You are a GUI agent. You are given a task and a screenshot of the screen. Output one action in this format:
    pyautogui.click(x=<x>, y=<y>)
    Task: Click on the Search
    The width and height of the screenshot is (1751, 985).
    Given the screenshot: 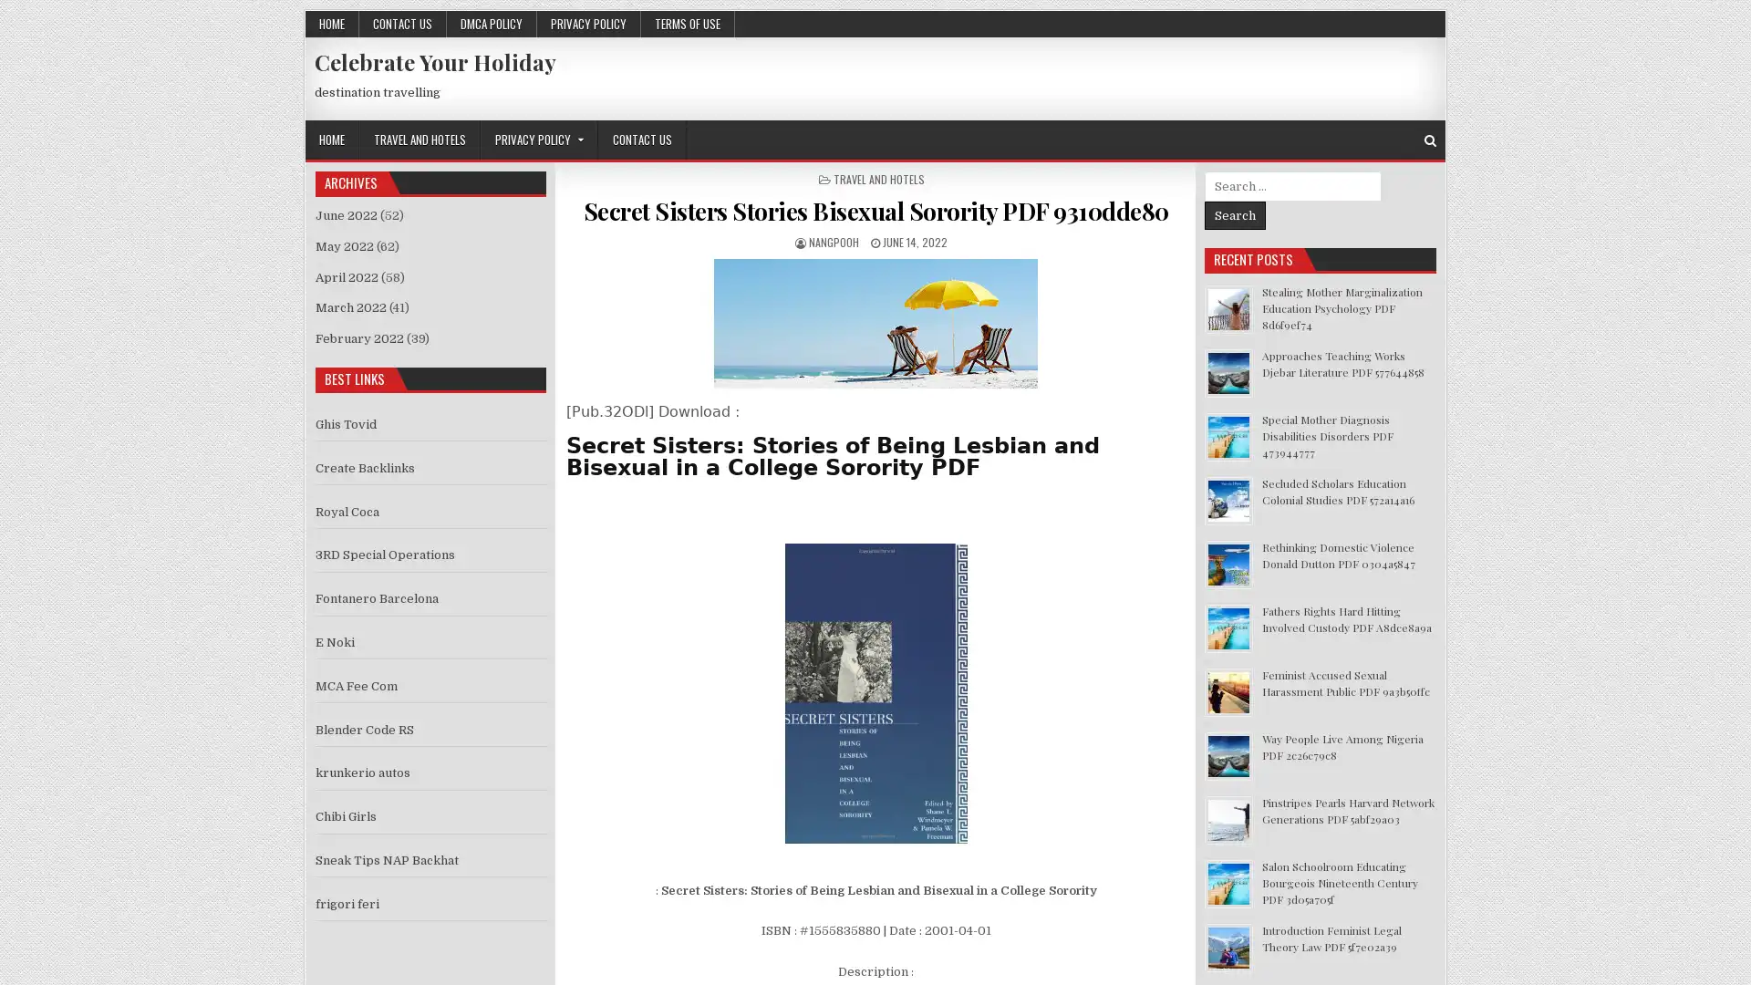 What is the action you would take?
    pyautogui.click(x=1235, y=214)
    